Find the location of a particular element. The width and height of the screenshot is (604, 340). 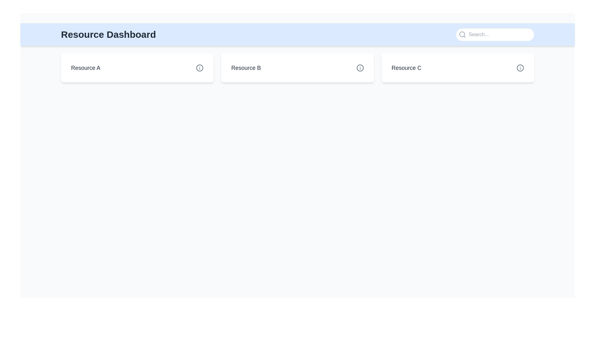

the SVG circle element that forms the circular part of the magnifying glass illustration, located near the top-right corner of the interface is located at coordinates (462, 34).